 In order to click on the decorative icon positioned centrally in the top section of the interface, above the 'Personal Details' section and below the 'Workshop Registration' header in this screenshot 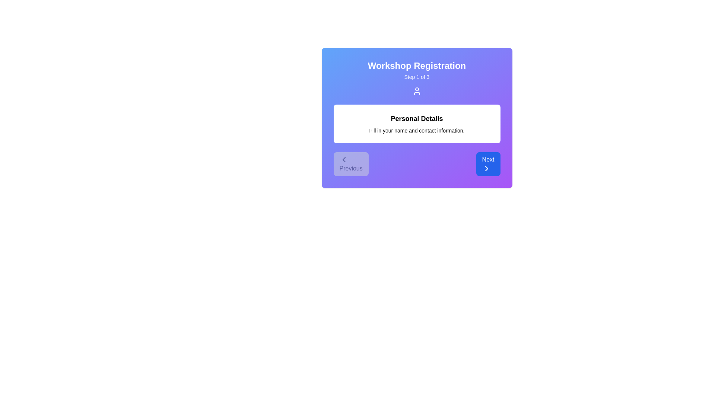, I will do `click(416, 91)`.